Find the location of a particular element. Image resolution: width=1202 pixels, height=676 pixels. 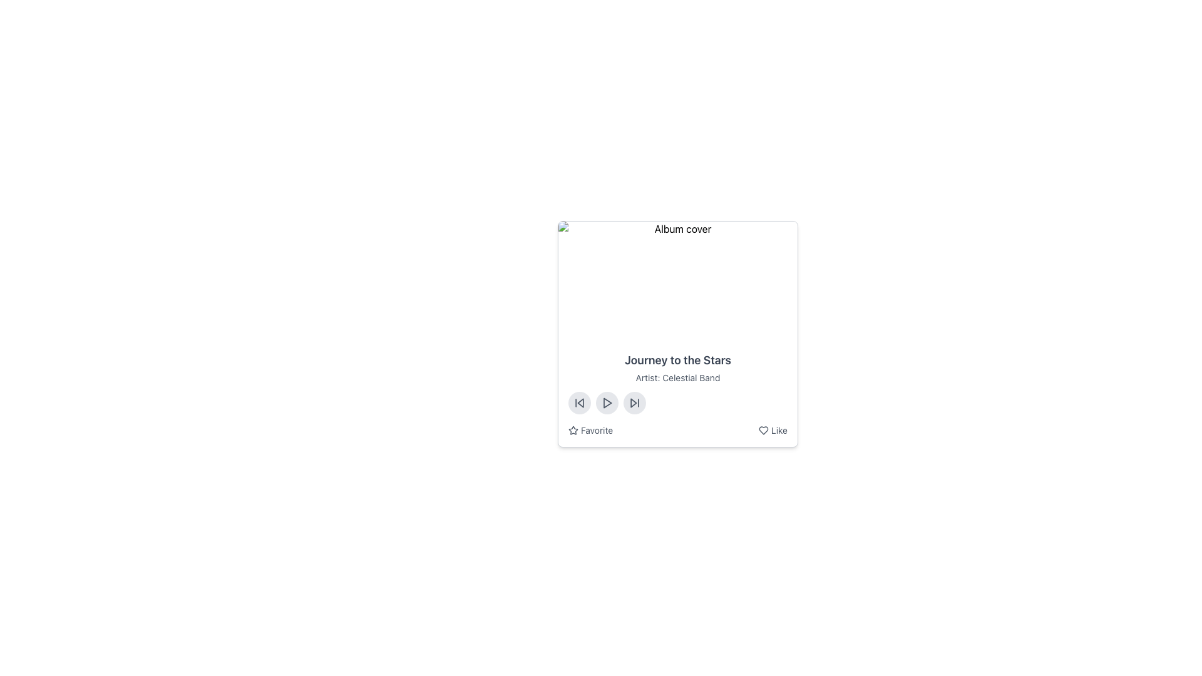

the heart-shaped icon on the left of the 'Like' label to like or unlike the content is located at coordinates (763, 429).